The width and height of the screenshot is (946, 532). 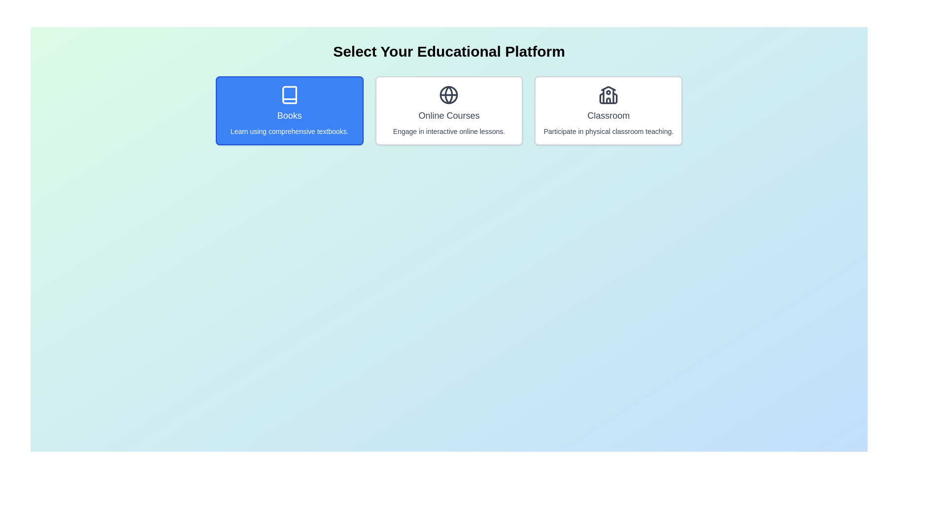 I want to click on the button corresponding to Classroom to select the educational platform, so click(x=608, y=110).